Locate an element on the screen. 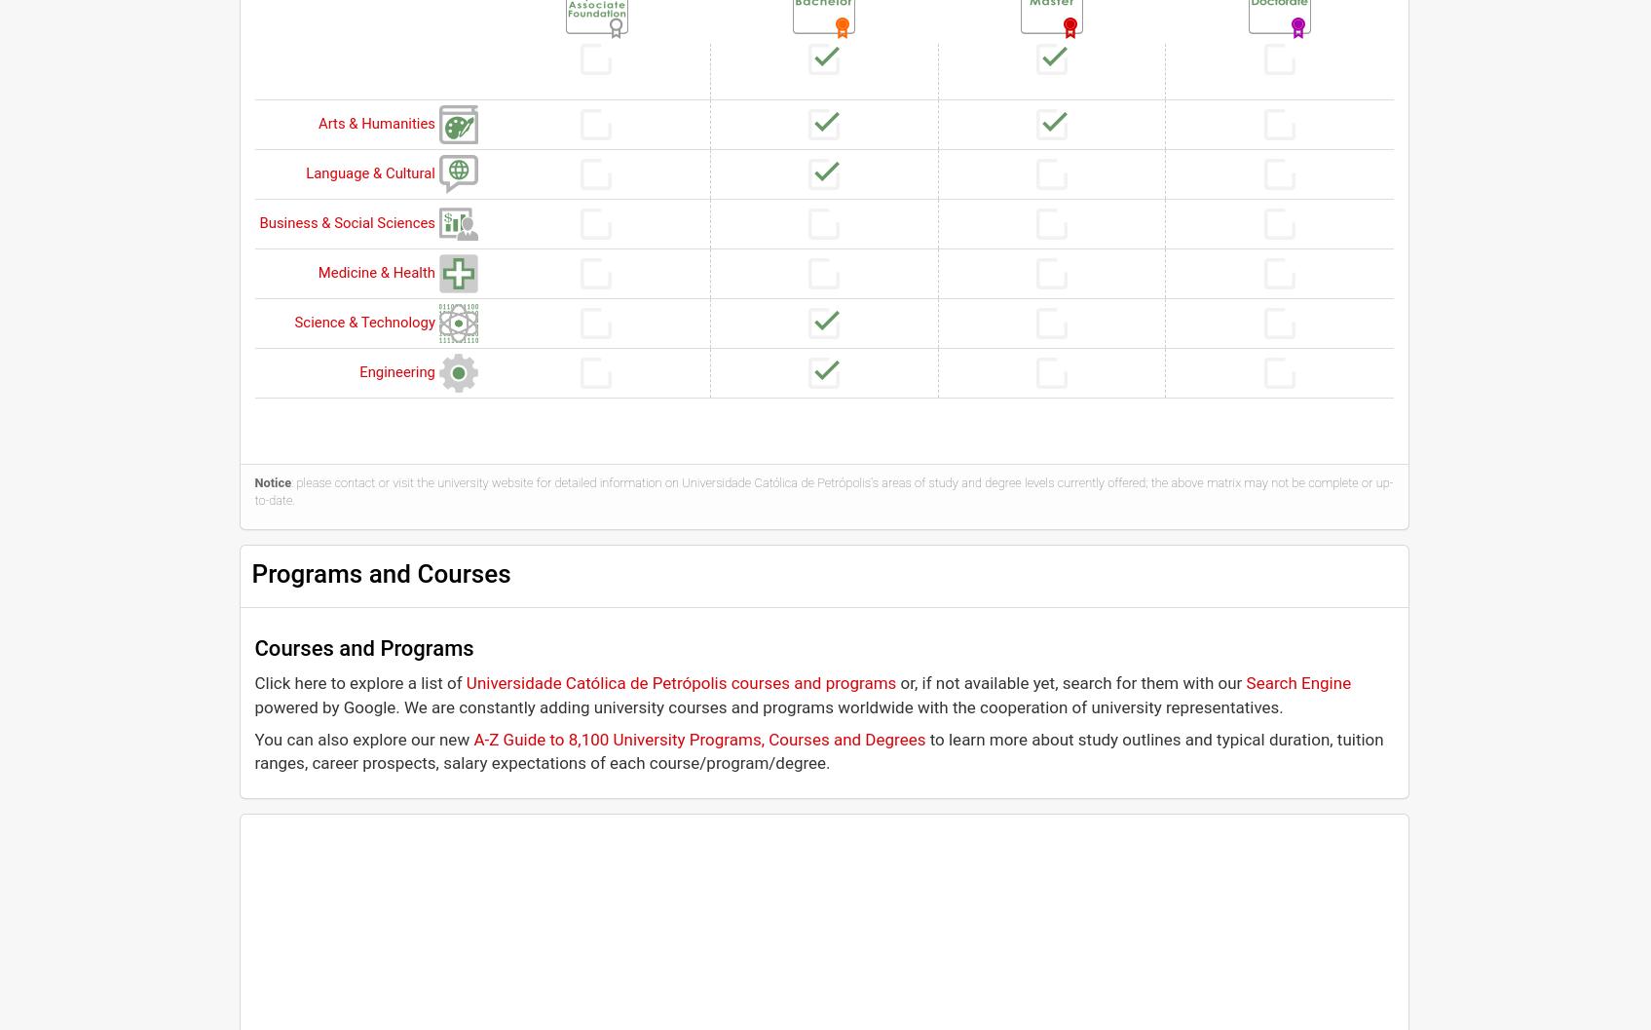 Image resolution: width=1651 pixels, height=1030 pixels. 'Arts & Humanities' is located at coordinates (376, 121).